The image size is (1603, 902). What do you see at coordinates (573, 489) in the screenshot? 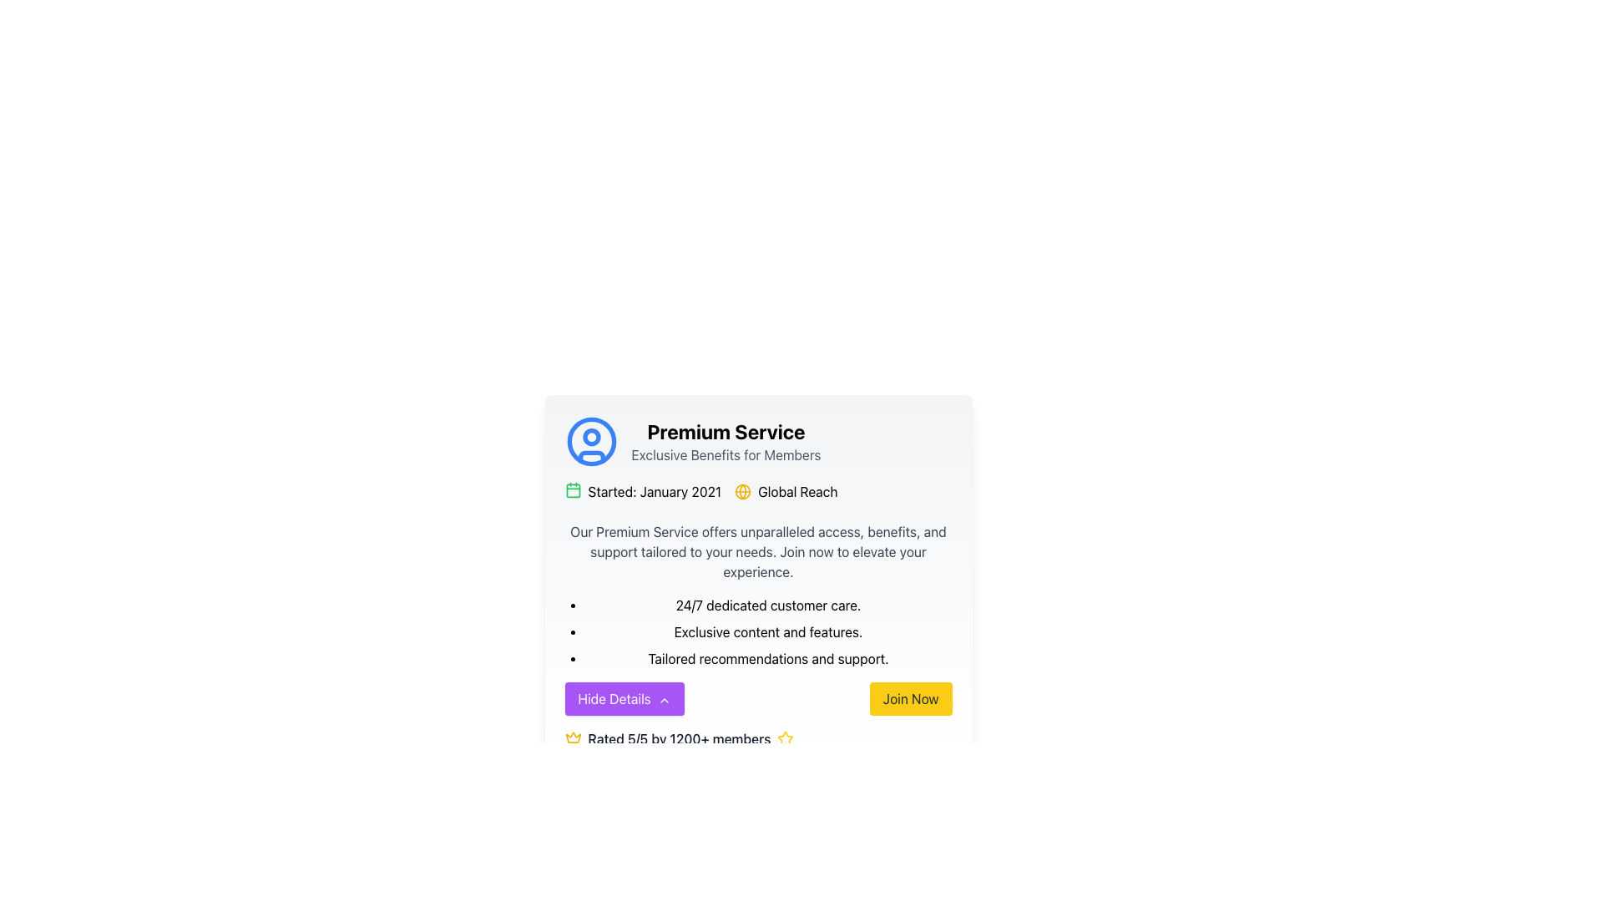
I see `the 'Start Date' icon, which is positioned to the left of the 'Started: January 2021' text and adjacent to the 'Global Reach' icon` at bounding box center [573, 489].